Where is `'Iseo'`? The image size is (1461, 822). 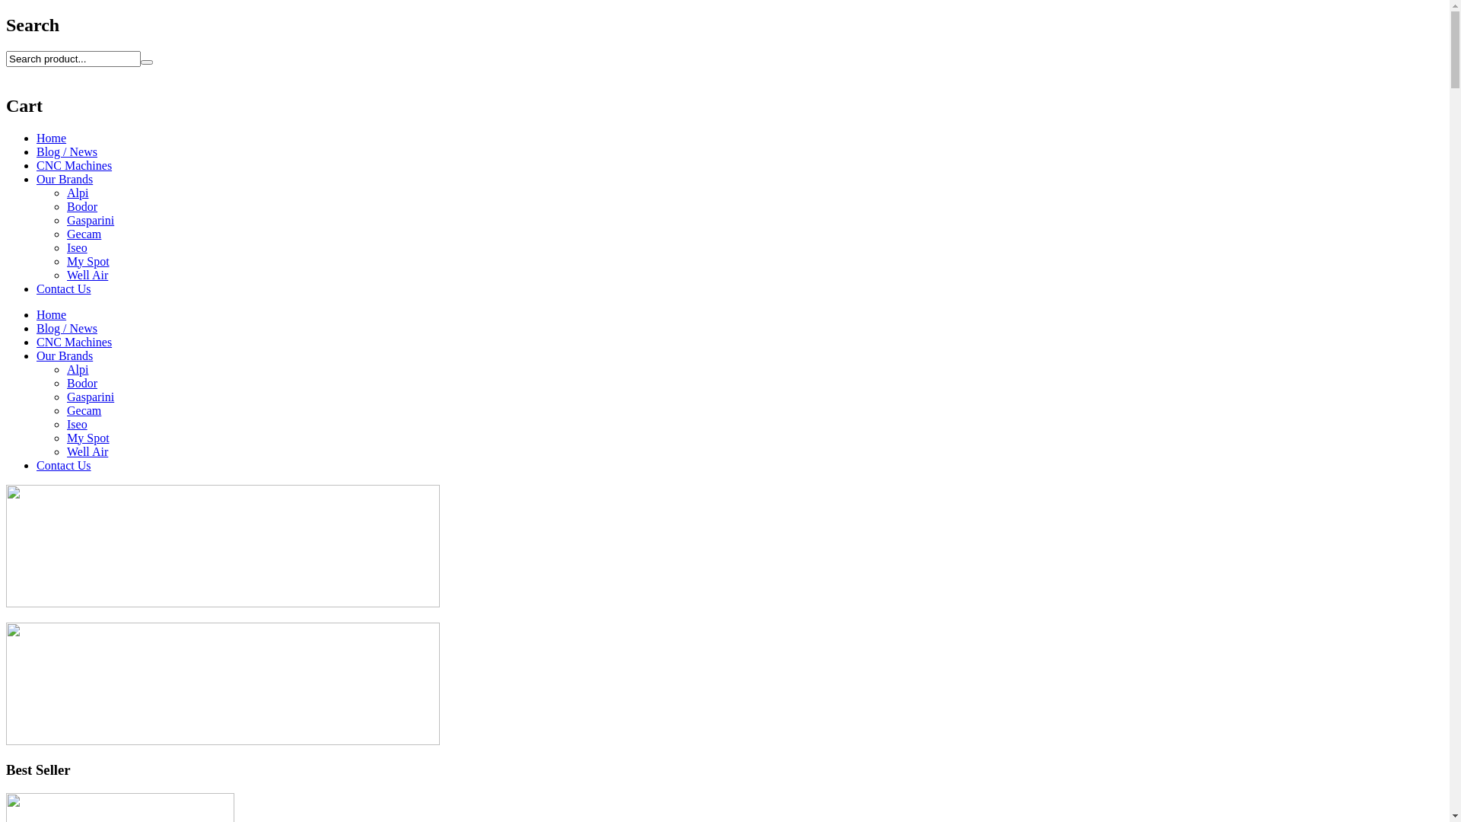
'Iseo' is located at coordinates (76, 247).